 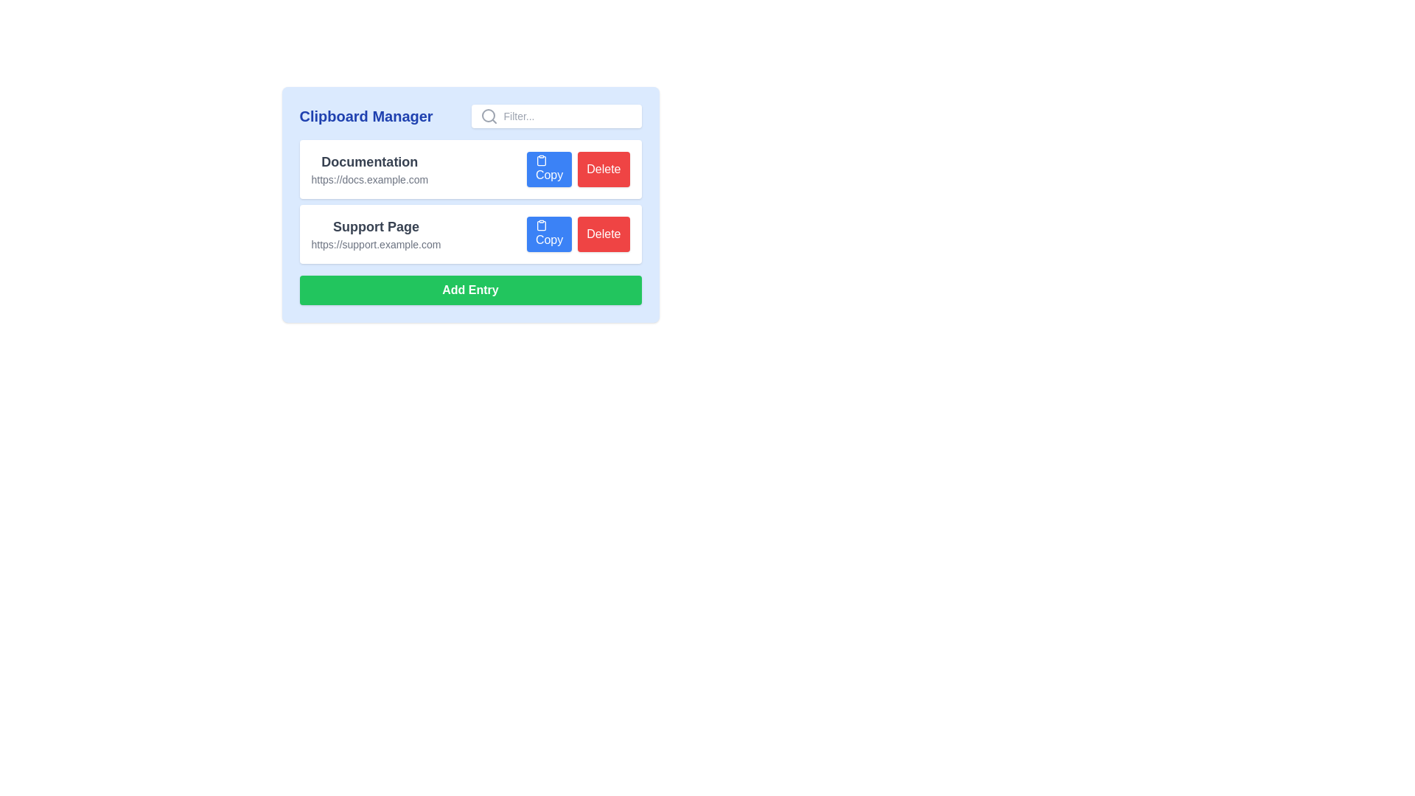 I want to click on the search icon located inside the header section of the search bar, positioned to the left of the 'Filter...' input box, so click(x=489, y=116).